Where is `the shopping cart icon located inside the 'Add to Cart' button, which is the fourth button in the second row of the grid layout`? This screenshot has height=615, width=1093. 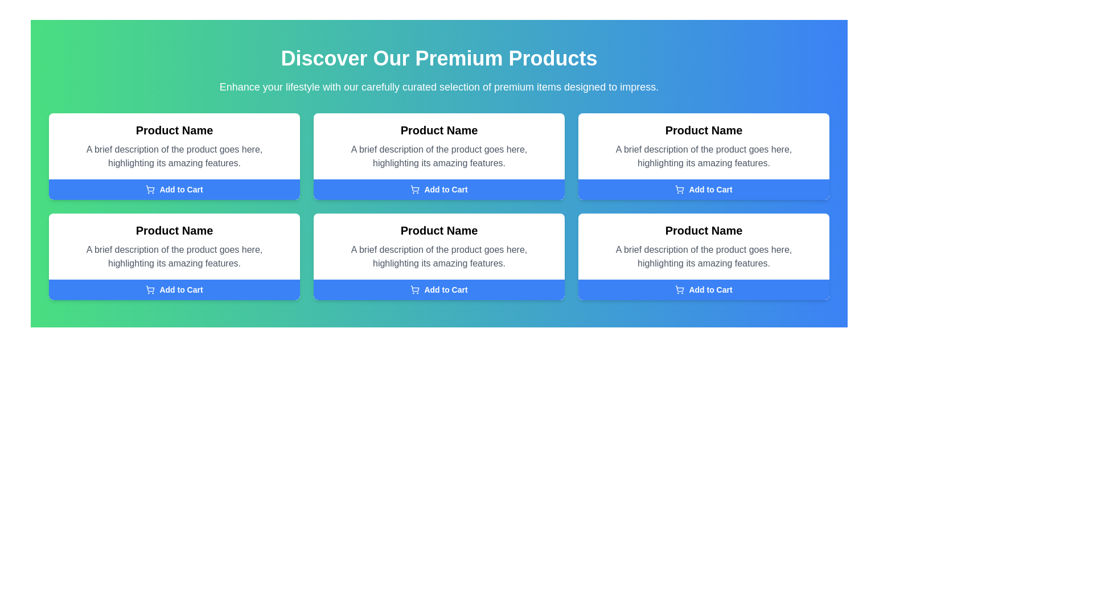 the shopping cart icon located inside the 'Add to Cart' button, which is the fourth button in the second row of the grid layout is located at coordinates (680, 289).